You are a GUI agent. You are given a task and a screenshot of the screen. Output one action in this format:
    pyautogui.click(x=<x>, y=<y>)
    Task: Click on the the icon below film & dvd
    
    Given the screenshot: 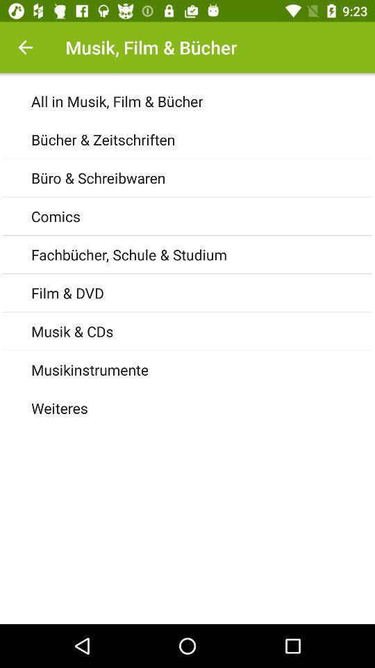 What is the action you would take?
    pyautogui.click(x=202, y=331)
    